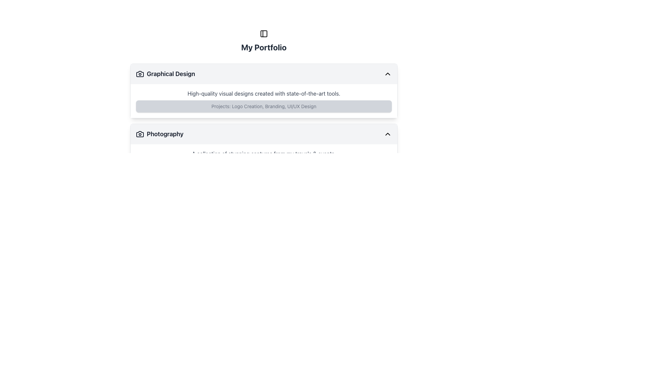 The image size is (648, 365). I want to click on the upward-pointing chevron icon button with a black outline in the upper-right corner of the 'Graphical Design' section, so click(387, 74).